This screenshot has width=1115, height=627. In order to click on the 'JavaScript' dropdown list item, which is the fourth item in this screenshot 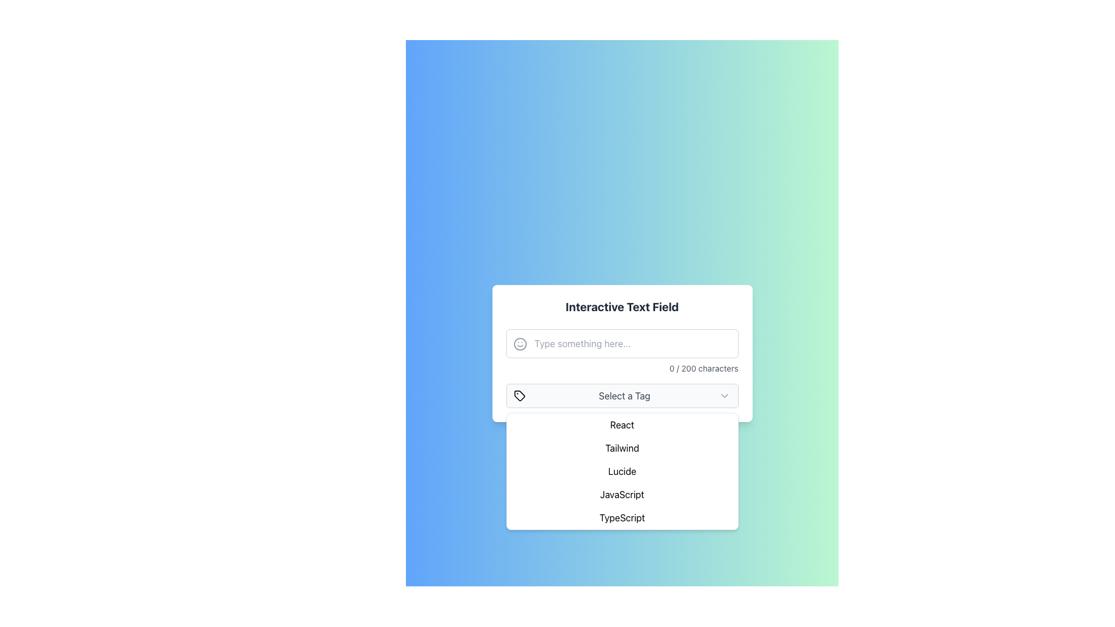, I will do `click(621, 495)`.